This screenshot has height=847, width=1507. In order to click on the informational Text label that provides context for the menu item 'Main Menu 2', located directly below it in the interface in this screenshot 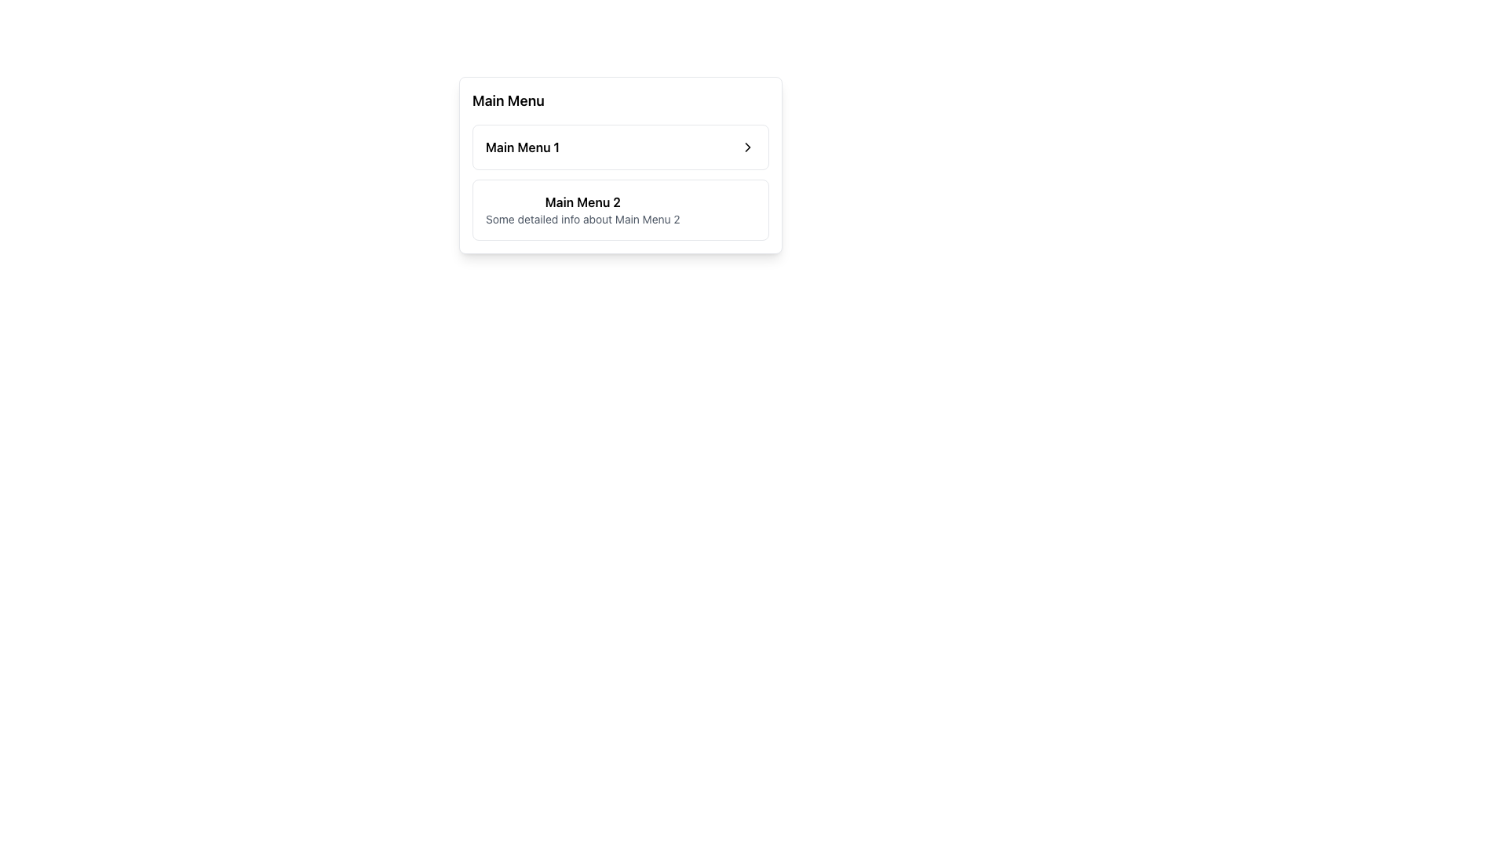, I will do `click(582, 220)`.